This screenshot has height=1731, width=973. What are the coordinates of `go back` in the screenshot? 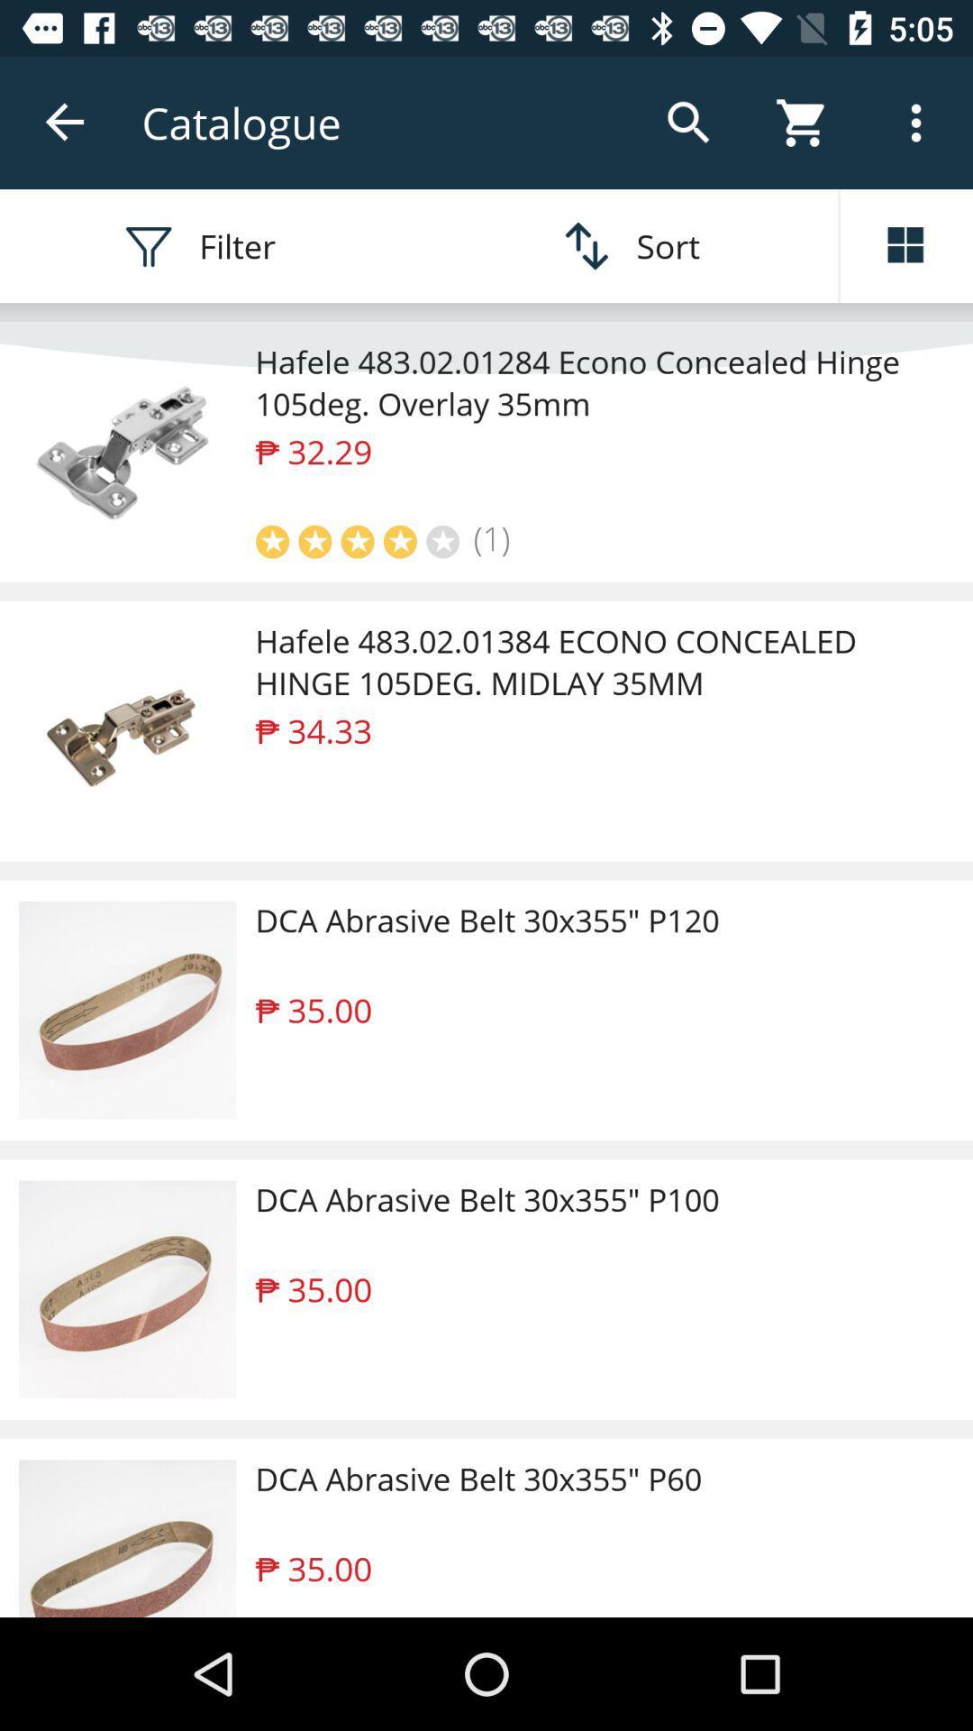 It's located at (65, 122).